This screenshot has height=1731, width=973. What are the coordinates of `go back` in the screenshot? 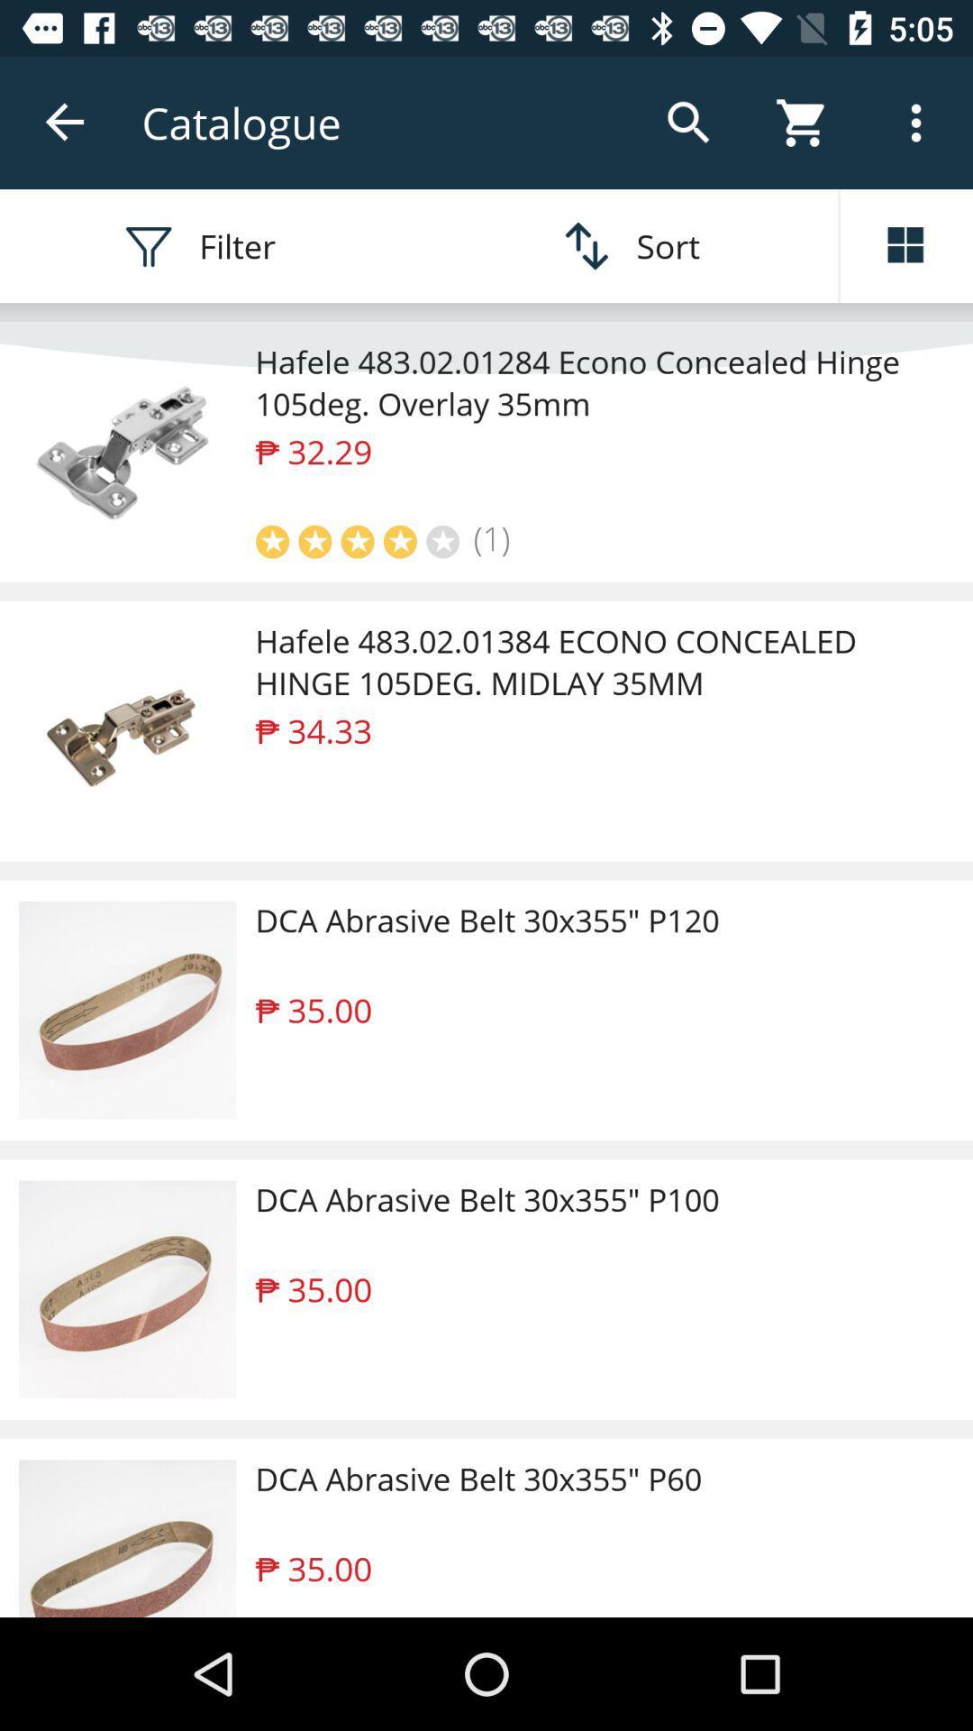 It's located at (65, 122).